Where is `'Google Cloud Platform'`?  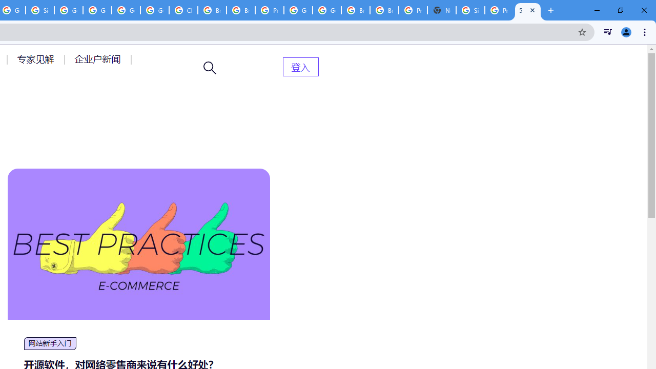
'Google Cloud Platform' is located at coordinates (326, 10).